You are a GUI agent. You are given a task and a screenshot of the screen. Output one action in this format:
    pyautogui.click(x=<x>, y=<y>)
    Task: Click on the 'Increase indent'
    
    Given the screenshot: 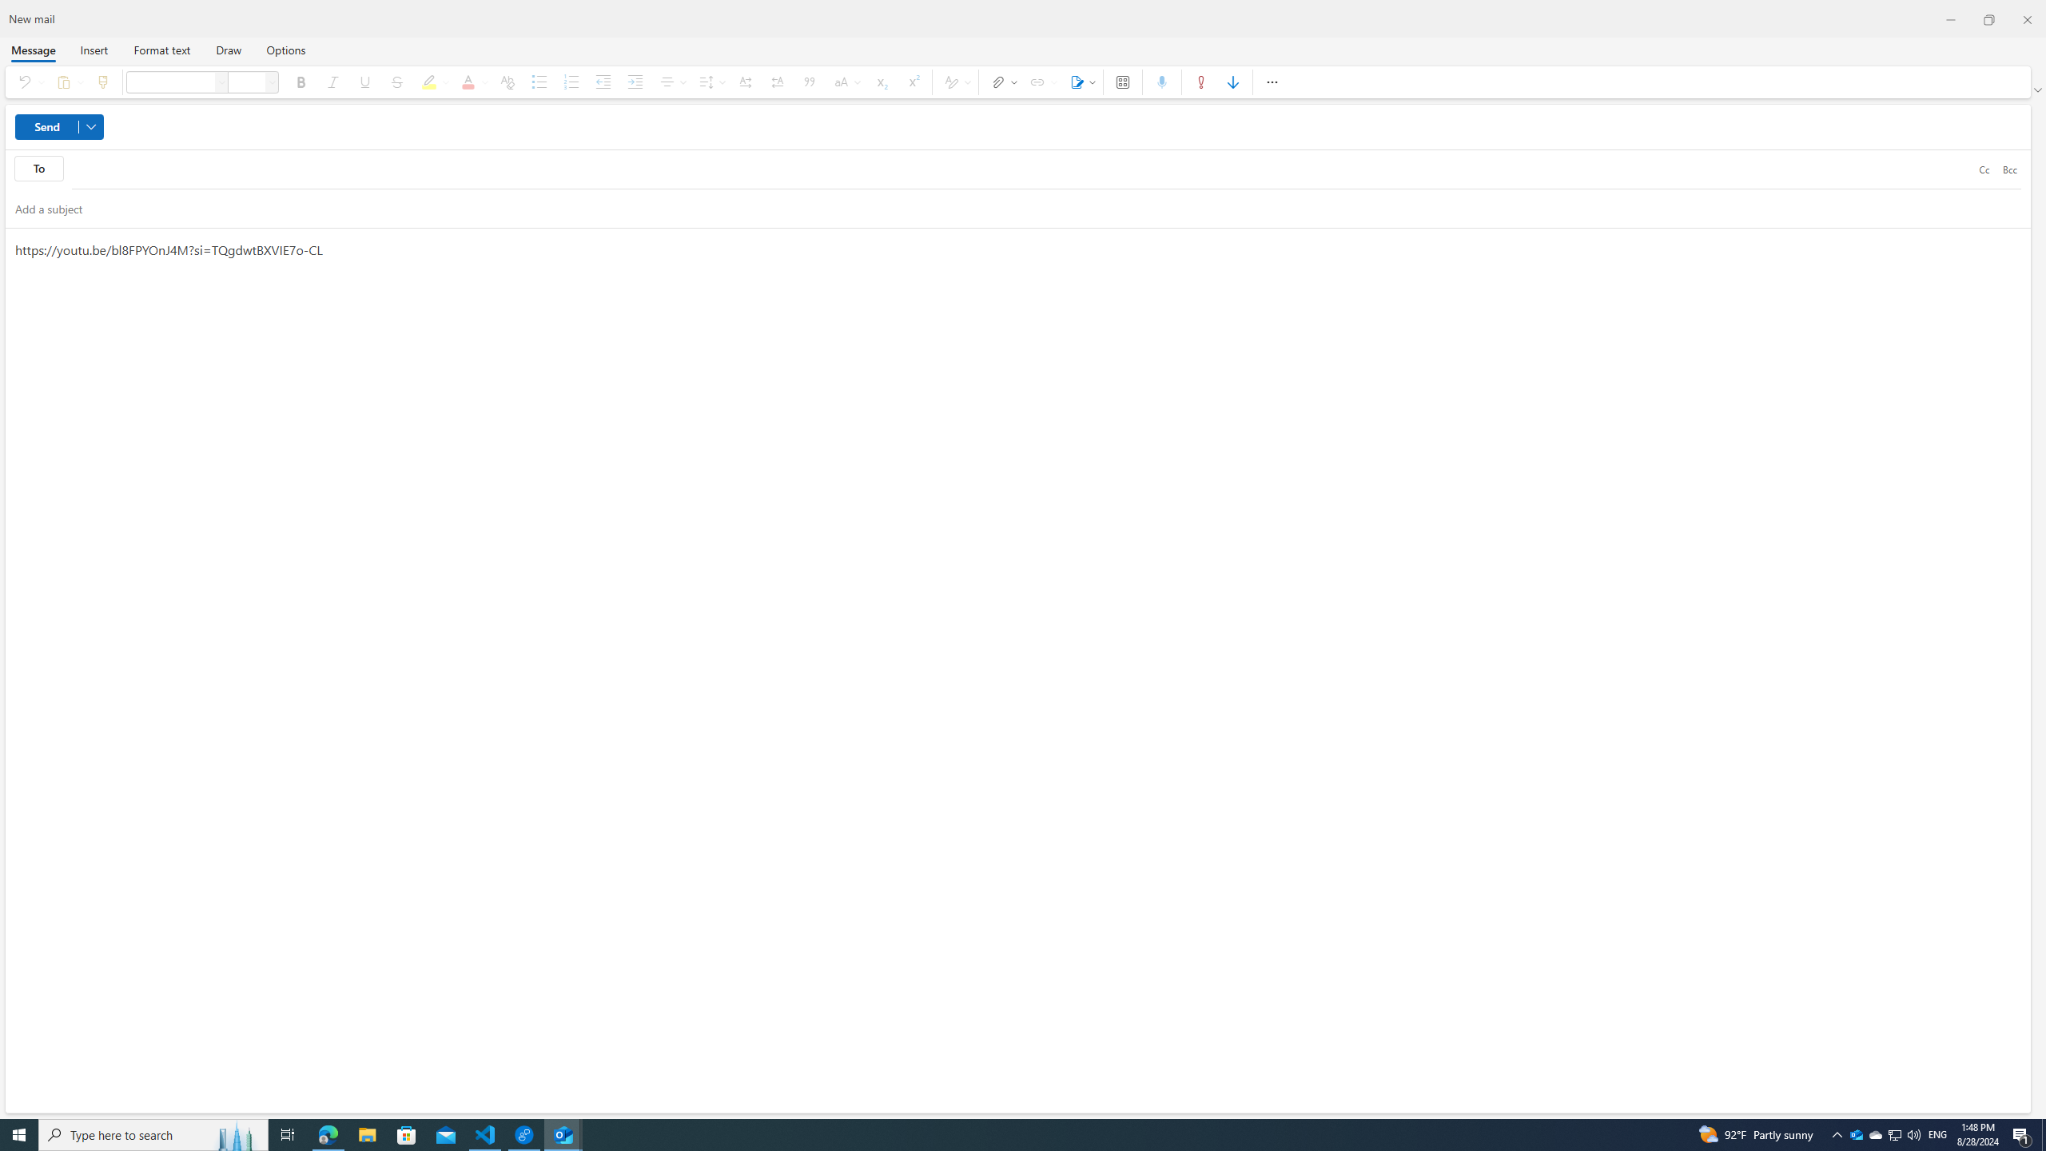 What is the action you would take?
    pyautogui.click(x=635, y=82)
    